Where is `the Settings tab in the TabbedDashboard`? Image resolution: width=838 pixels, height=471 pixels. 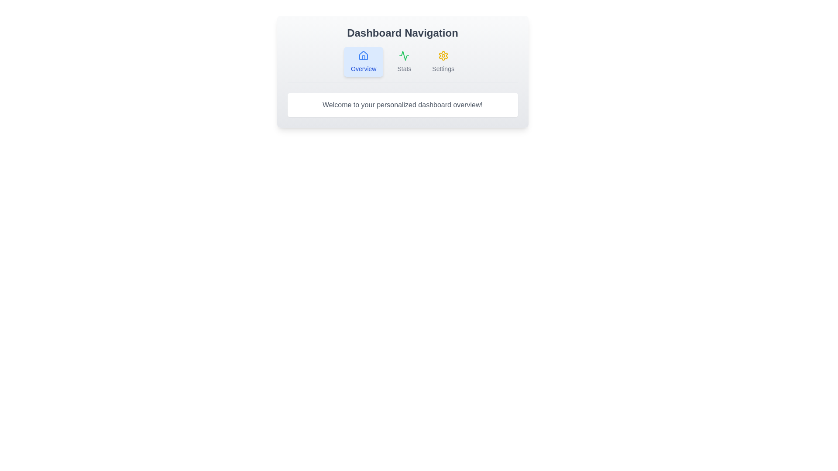 the Settings tab in the TabbedDashboard is located at coordinates (443, 61).